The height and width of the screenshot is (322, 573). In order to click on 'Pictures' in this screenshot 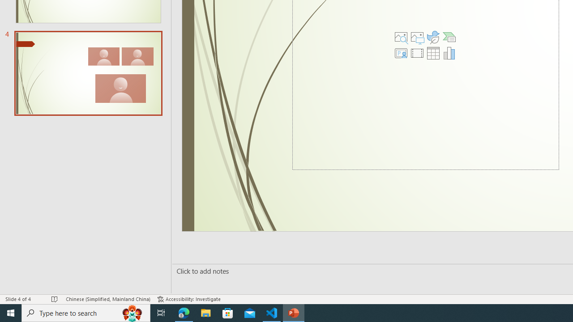, I will do `click(417, 37)`.